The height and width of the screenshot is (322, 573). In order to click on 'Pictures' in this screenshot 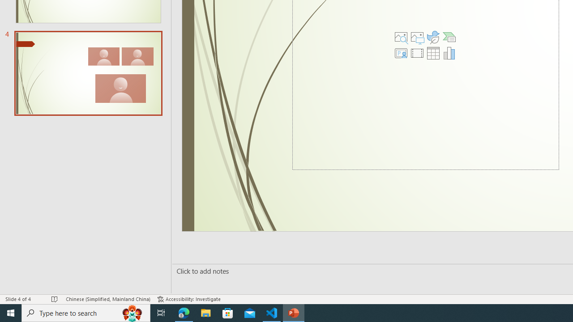, I will do `click(417, 37)`.